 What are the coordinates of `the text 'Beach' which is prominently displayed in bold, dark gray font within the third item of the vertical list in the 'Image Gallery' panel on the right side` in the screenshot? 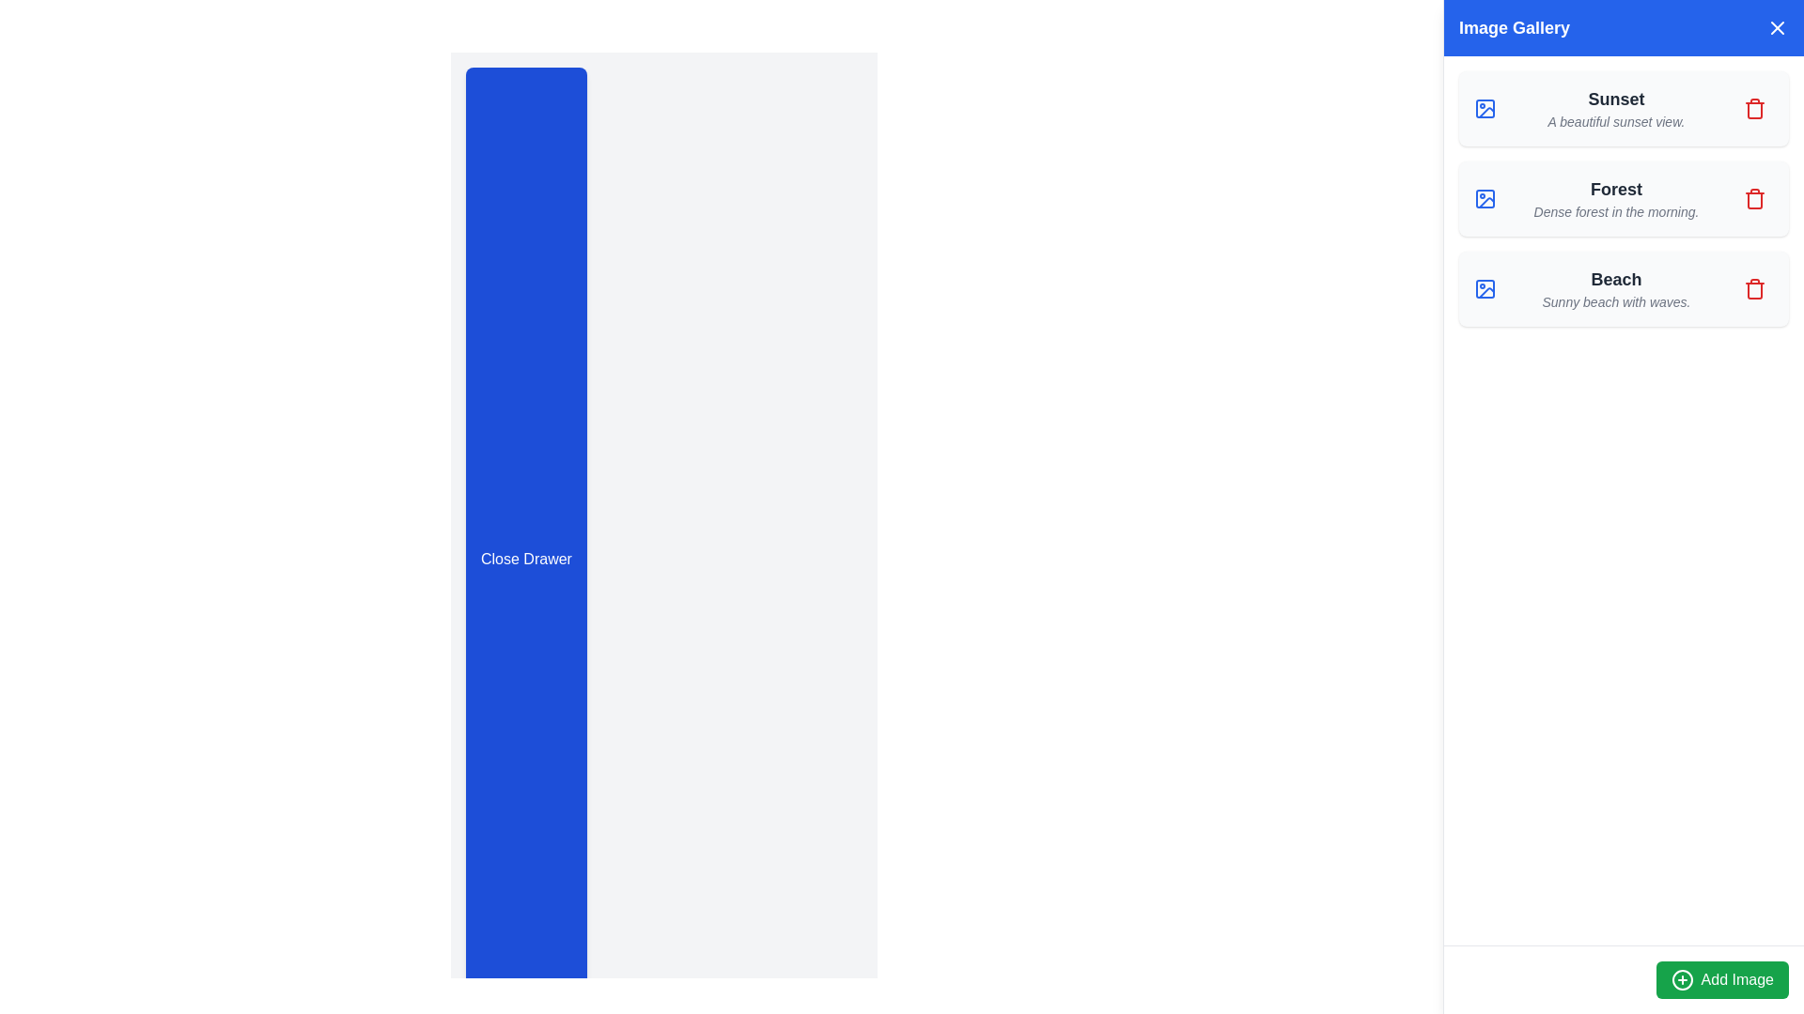 It's located at (1615, 279).